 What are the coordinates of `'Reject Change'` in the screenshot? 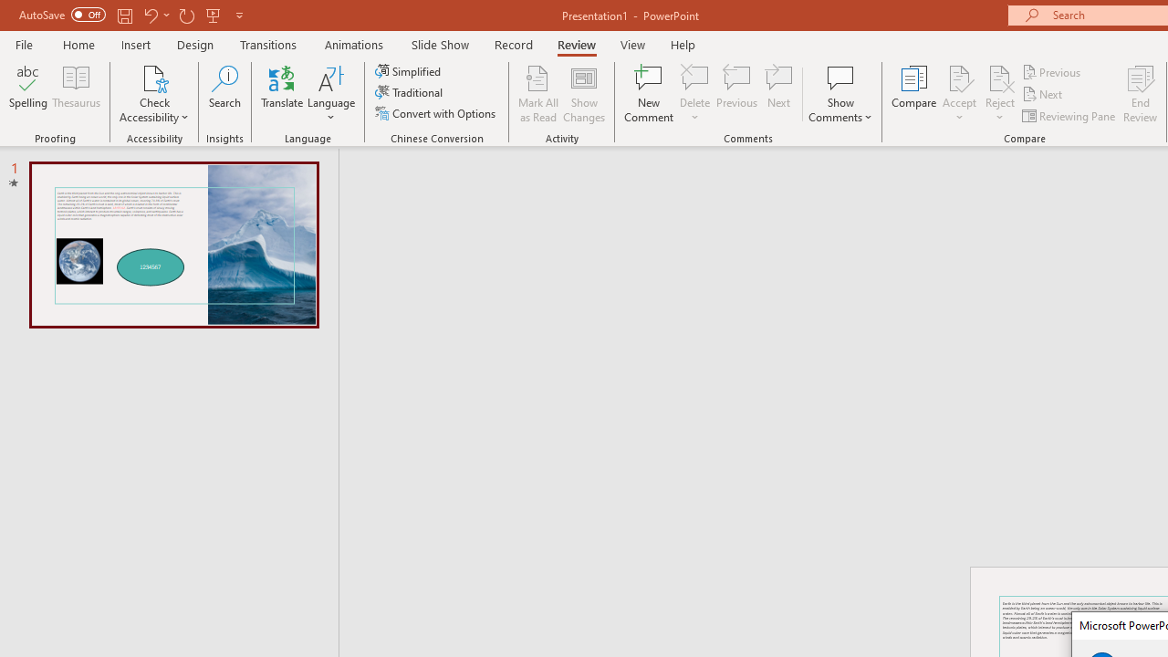 It's located at (999, 77).